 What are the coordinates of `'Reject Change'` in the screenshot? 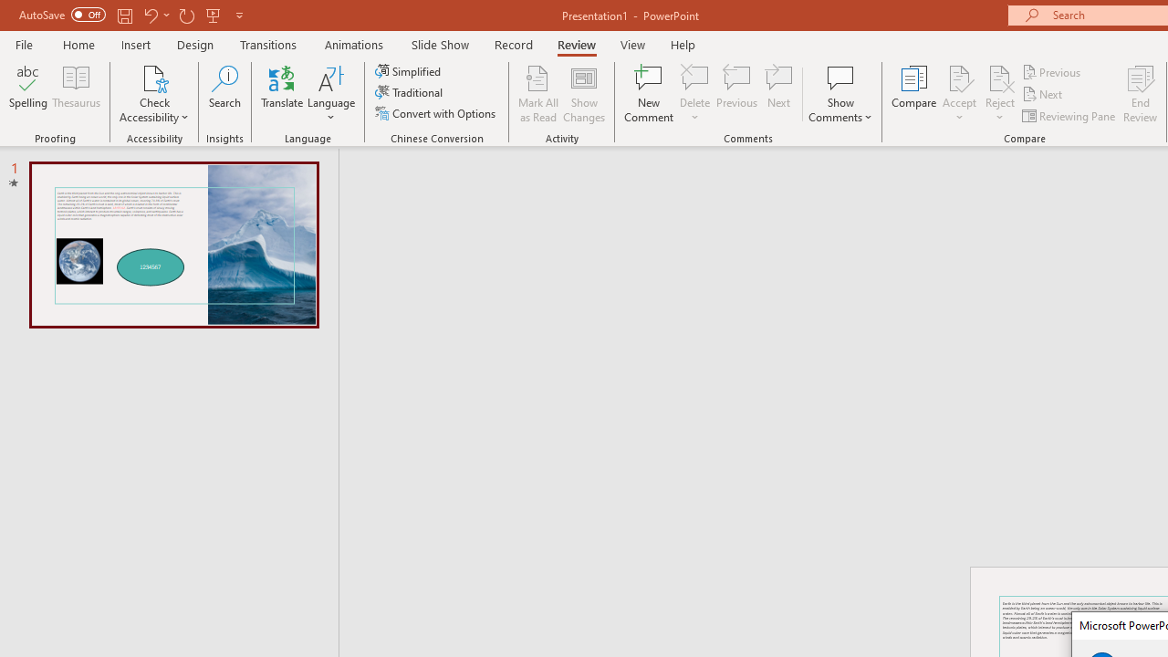 It's located at (999, 77).